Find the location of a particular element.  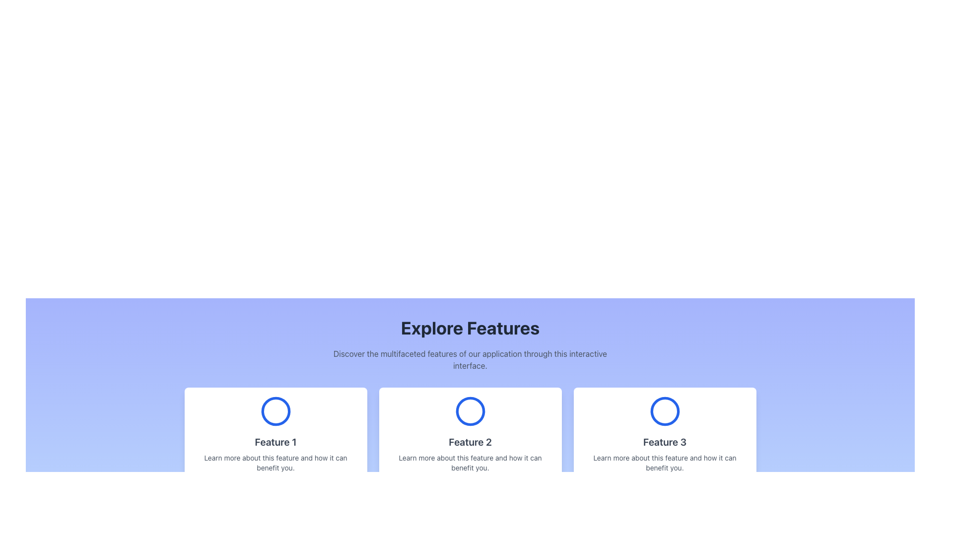

the rightmost Circle graphic element representing 'Feature 3' in the interface is located at coordinates (665, 411).